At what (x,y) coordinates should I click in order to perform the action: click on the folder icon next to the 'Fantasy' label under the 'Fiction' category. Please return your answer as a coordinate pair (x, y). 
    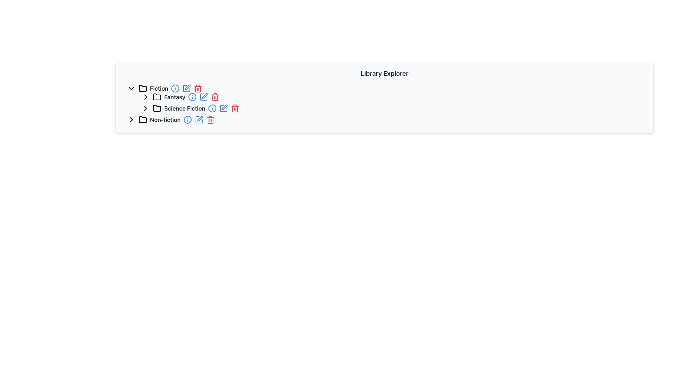
    Looking at the image, I should click on (157, 97).